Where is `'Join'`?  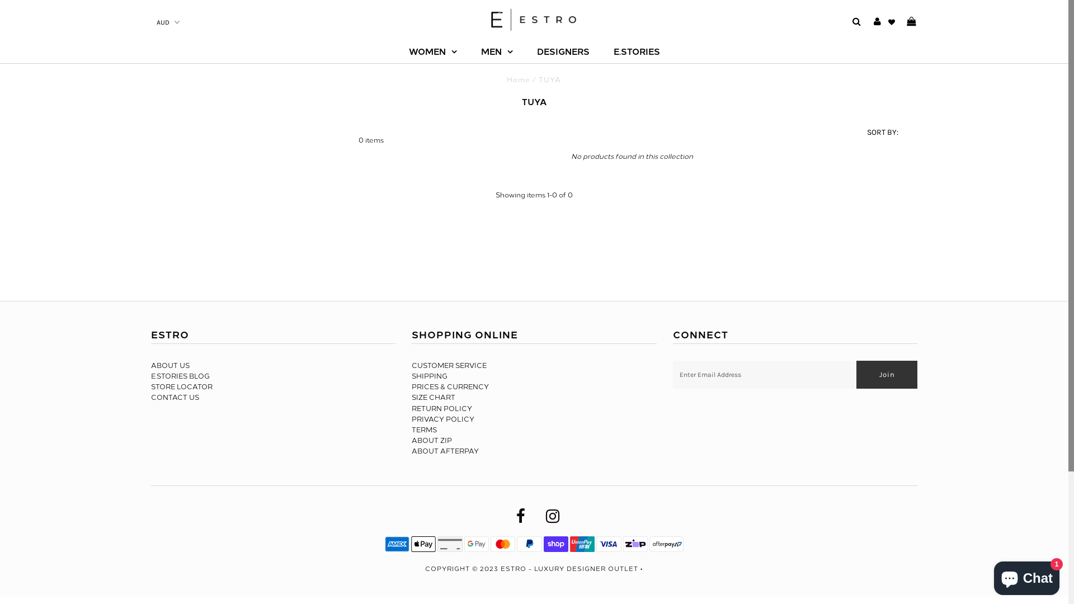 'Join' is located at coordinates (886, 375).